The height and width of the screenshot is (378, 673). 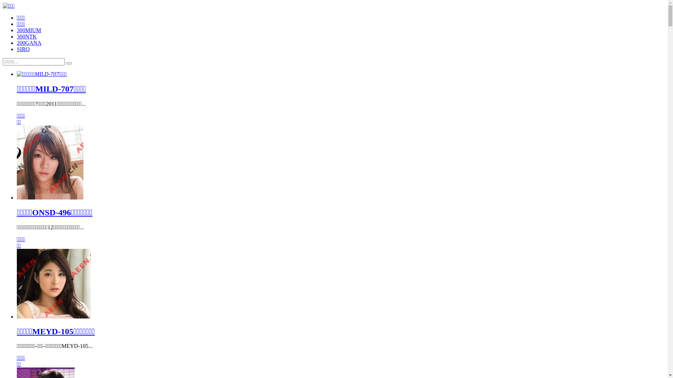 I want to click on '300MIUM', so click(x=28, y=30).